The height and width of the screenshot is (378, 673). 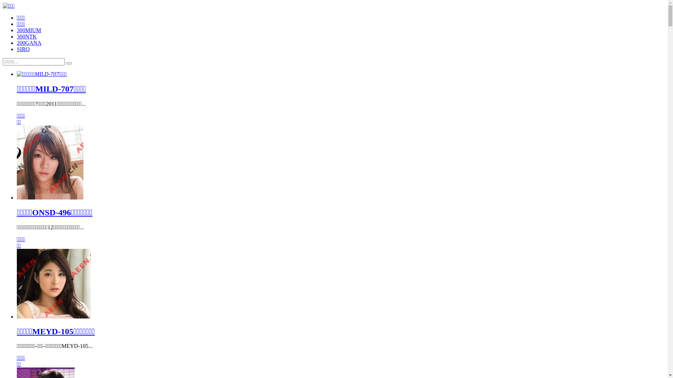 I want to click on '300MIUM', so click(x=28, y=30).